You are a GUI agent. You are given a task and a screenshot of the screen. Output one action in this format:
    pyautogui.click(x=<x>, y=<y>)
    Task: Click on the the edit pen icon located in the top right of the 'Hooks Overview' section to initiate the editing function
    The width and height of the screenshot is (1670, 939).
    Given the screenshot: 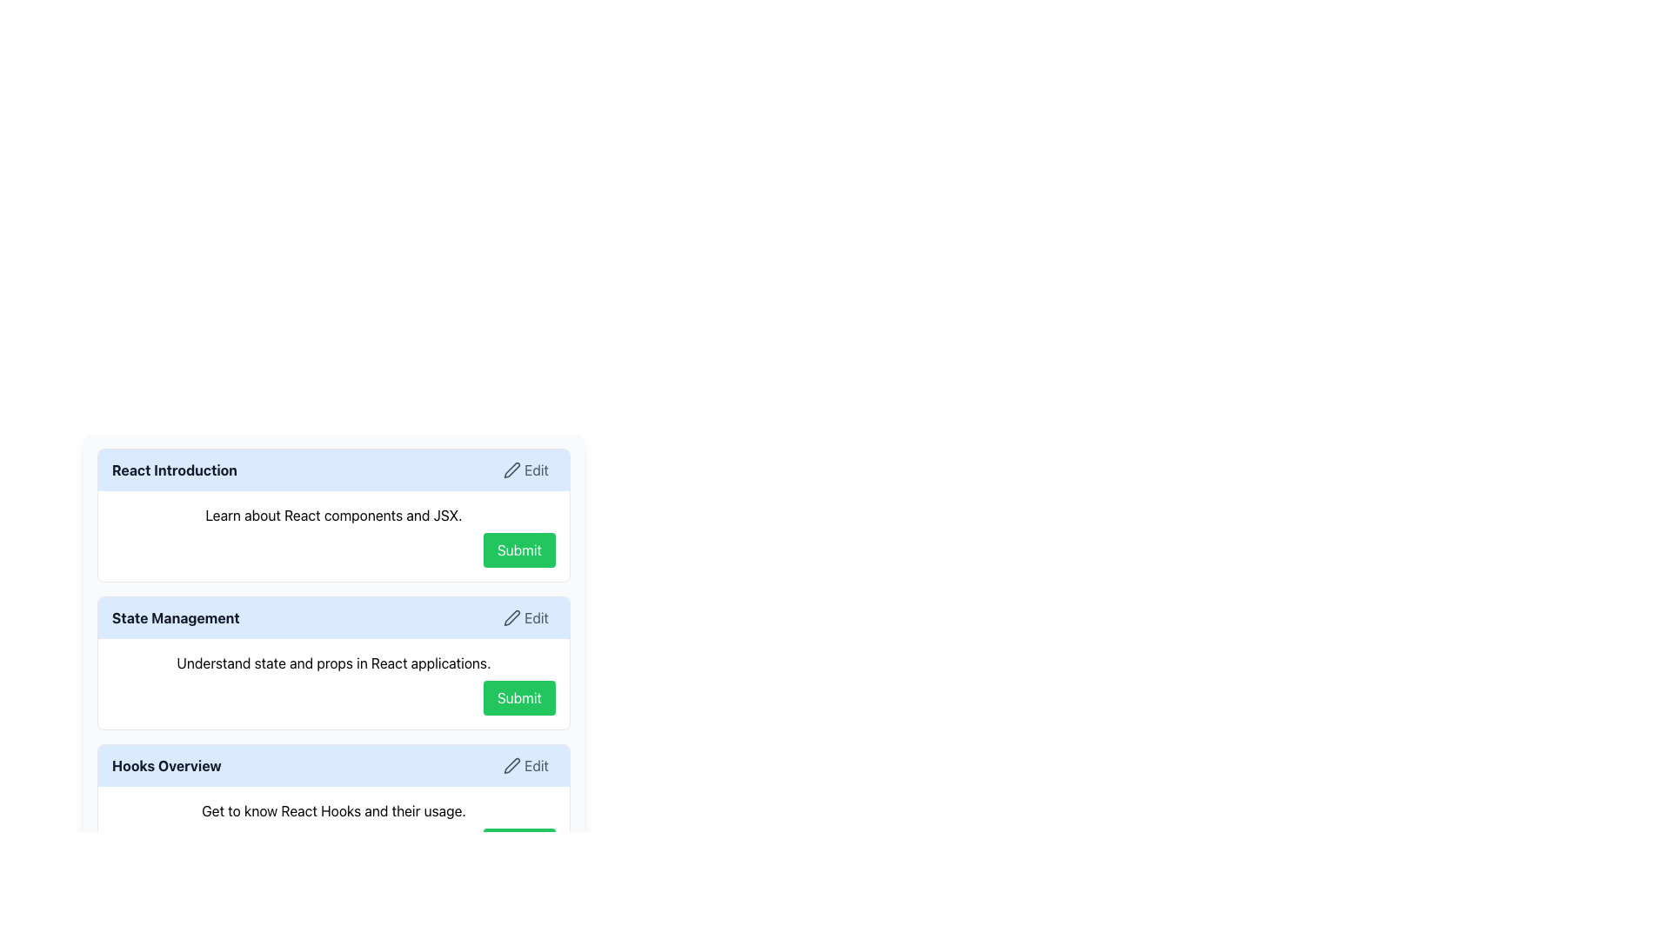 What is the action you would take?
    pyautogui.click(x=511, y=764)
    